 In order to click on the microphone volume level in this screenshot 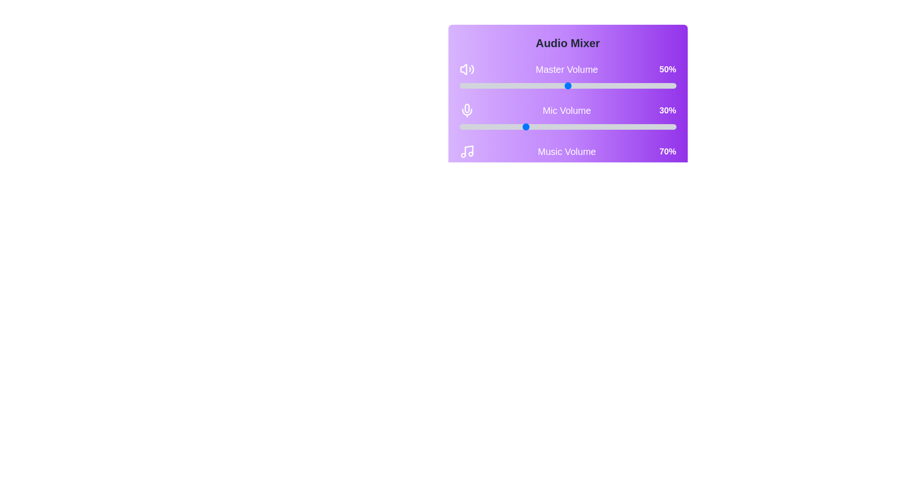, I will do `click(580, 127)`.